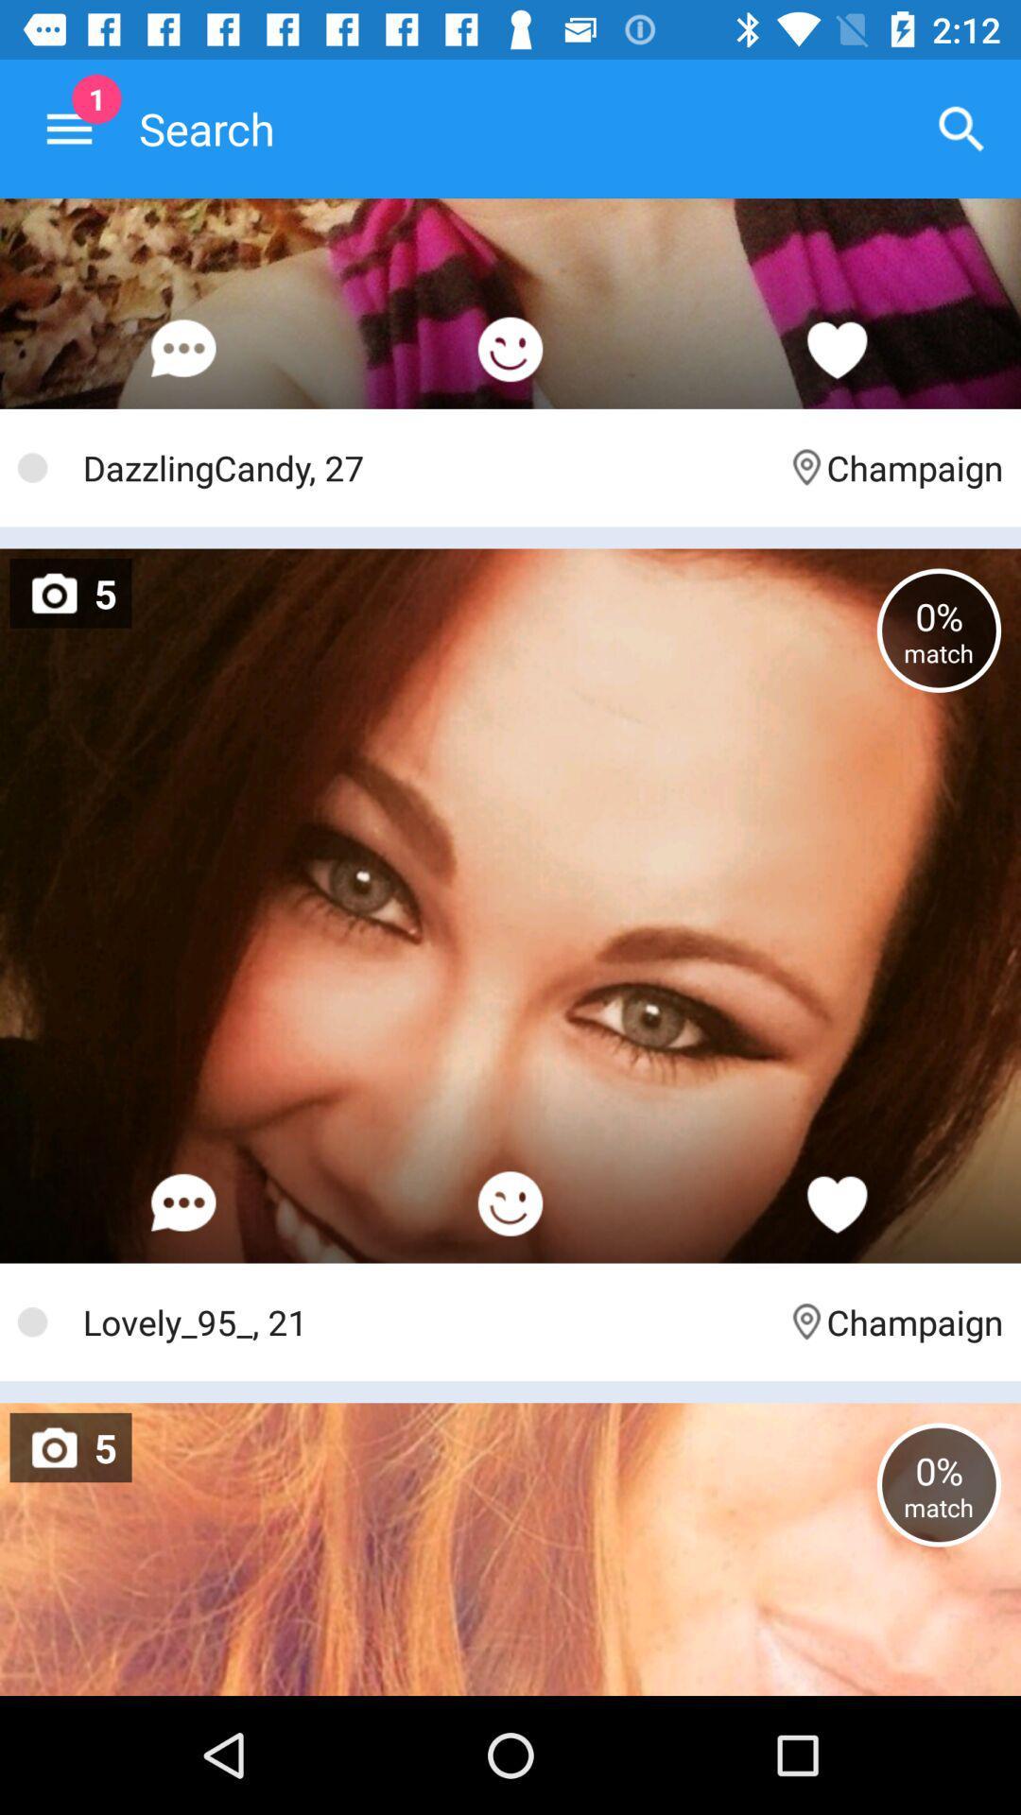 This screenshot has width=1021, height=1815. What do you see at coordinates (425, 1321) in the screenshot?
I see `the icon next to the champaign` at bounding box center [425, 1321].